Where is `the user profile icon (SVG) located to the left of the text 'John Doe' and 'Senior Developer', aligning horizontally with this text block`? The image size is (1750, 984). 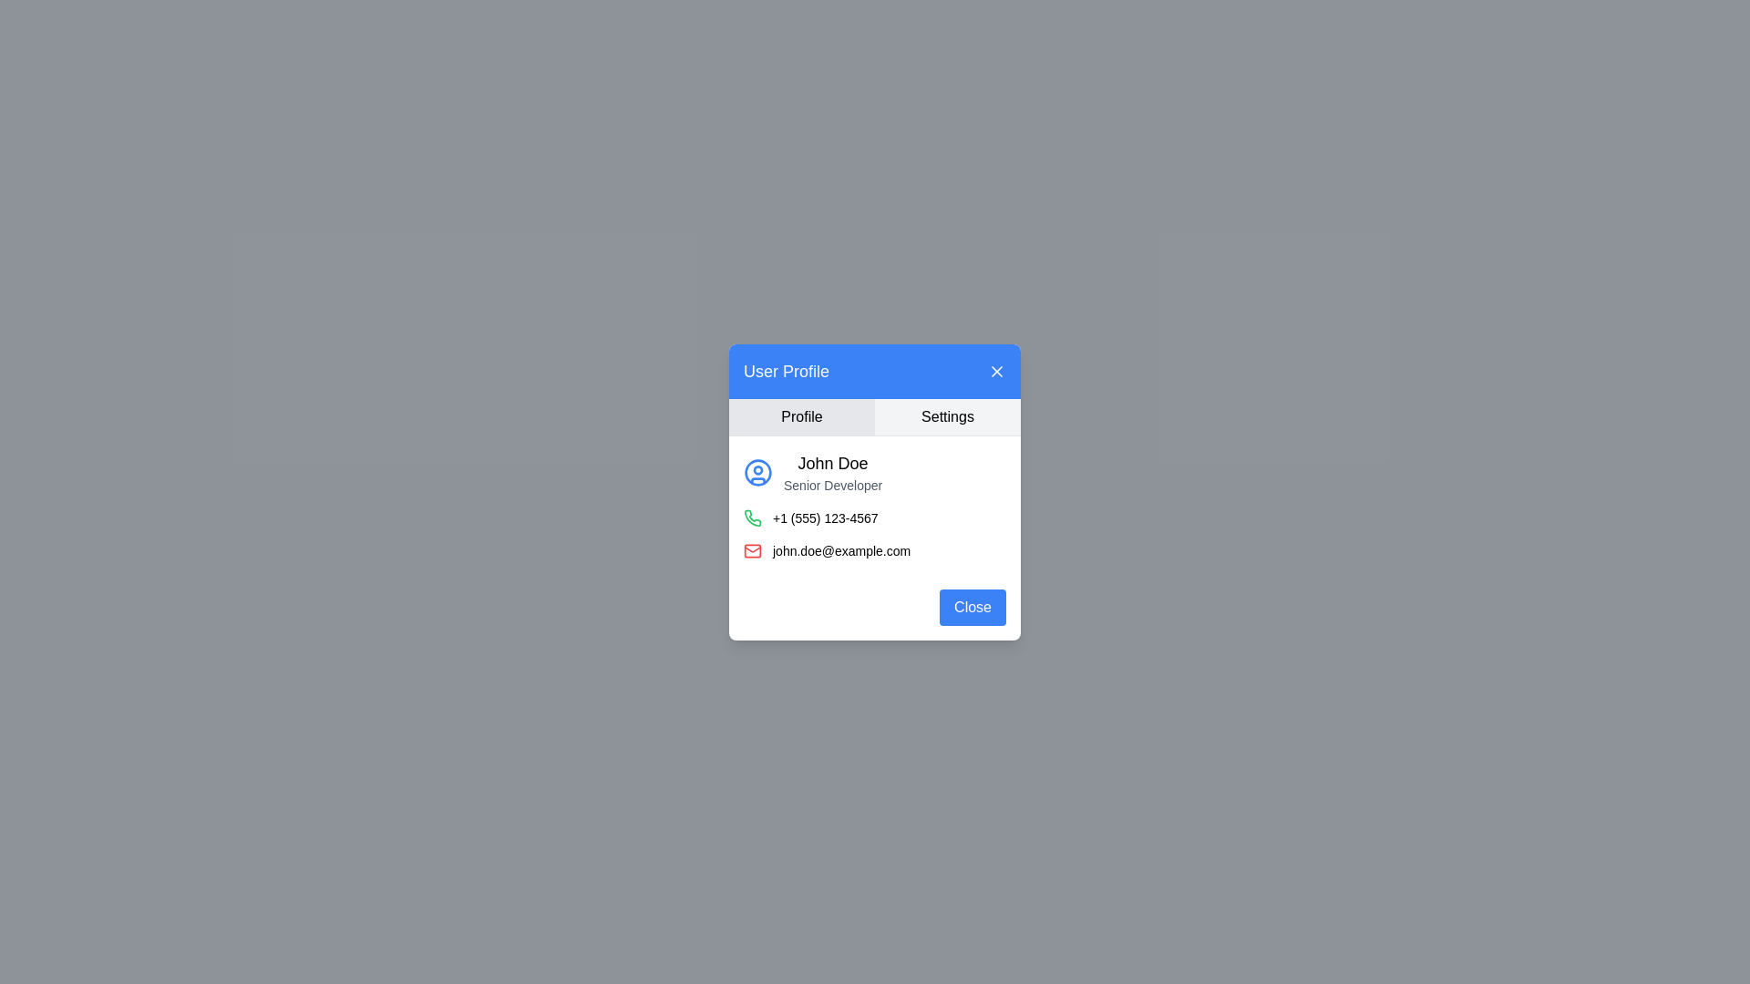
the user profile icon (SVG) located to the left of the text 'John Doe' and 'Senior Developer', aligning horizontally with this text block is located at coordinates (757, 471).